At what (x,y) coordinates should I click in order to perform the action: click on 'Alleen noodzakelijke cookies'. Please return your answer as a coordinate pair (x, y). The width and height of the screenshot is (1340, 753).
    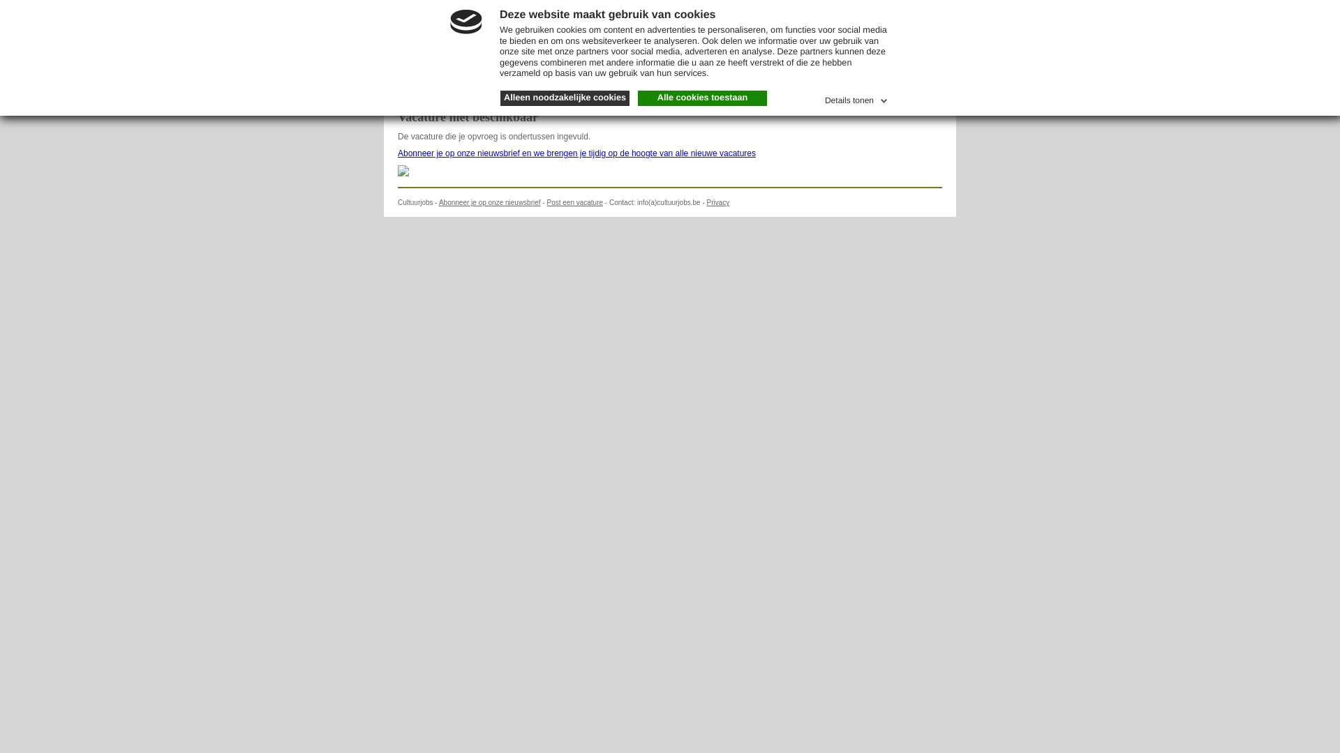
    Looking at the image, I should click on (565, 98).